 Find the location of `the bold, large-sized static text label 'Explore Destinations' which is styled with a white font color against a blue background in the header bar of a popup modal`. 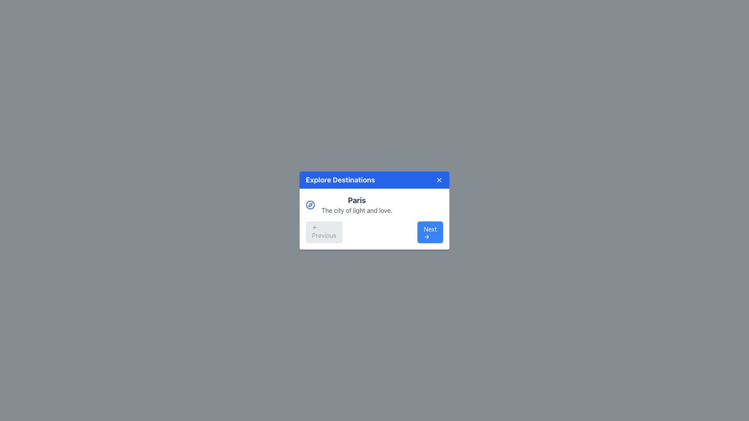

the bold, large-sized static text label 'Explore Destinations' which is styled with a white font color against a blue background in the header bar of a popup modal is located at coordinates (340, 180).